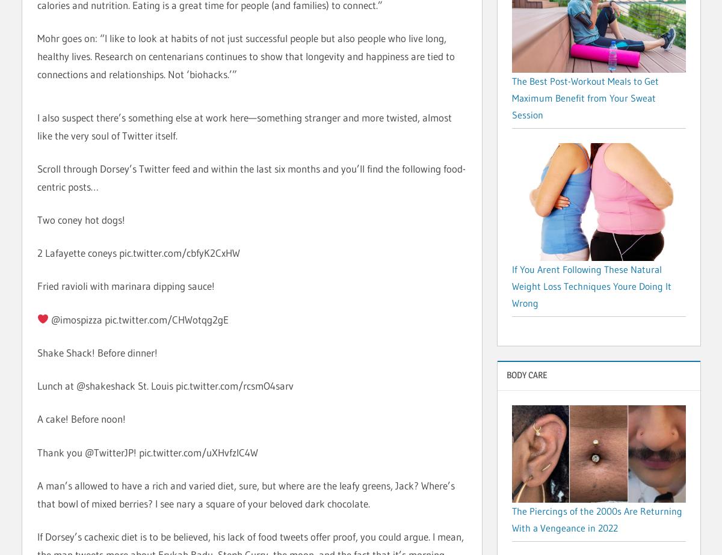 The image size is (722, 555). Describe the element at coordinates (81, 418) in the screenshot. I see `'A cake! Before noon!'` at that location.